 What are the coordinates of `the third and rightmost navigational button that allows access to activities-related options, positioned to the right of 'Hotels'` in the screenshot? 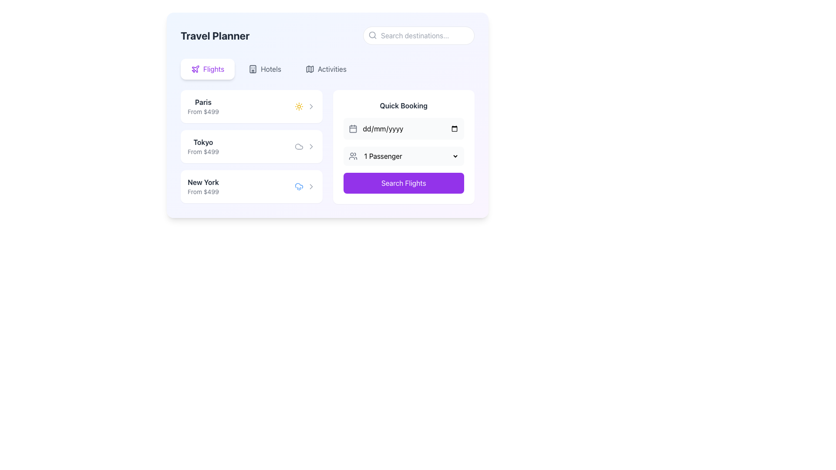 It's located at (325, 68).